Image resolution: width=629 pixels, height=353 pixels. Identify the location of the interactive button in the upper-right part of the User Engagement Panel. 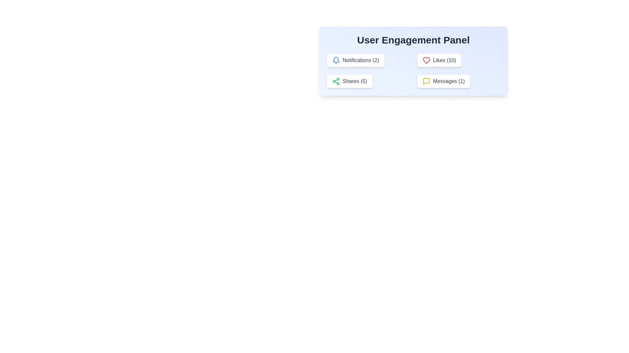
(439, 60).